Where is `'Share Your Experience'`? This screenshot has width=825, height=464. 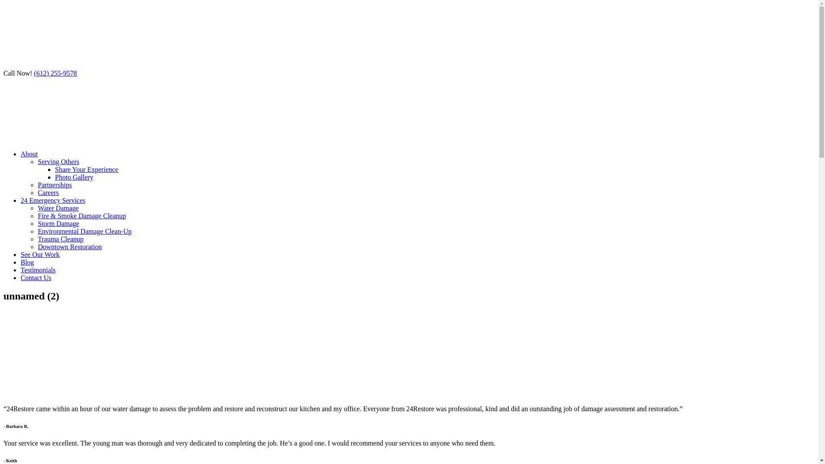 'Share Your Experience' is located at coordinates (86, 169).